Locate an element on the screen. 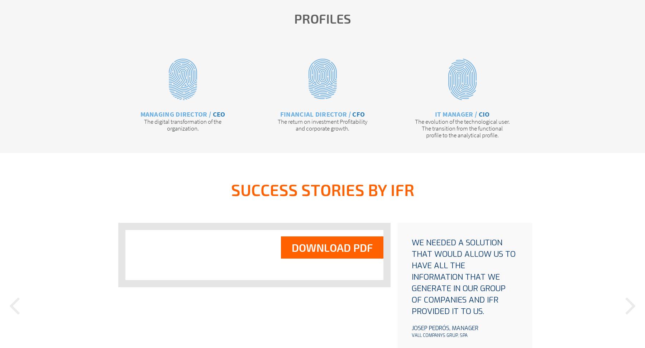  'The return on investment Profitability and corporate growth.' is located at coordinates (322, 124).